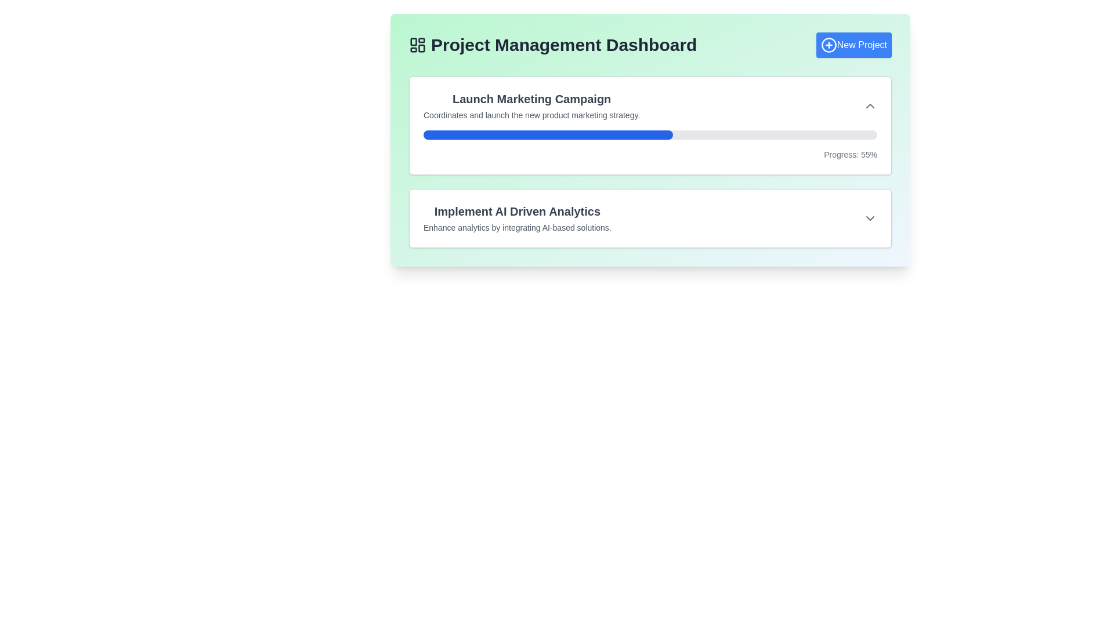  What do you see at coordinates (427, 134) in the screenshot?
I see `progress` at bounding box center [427, 134].